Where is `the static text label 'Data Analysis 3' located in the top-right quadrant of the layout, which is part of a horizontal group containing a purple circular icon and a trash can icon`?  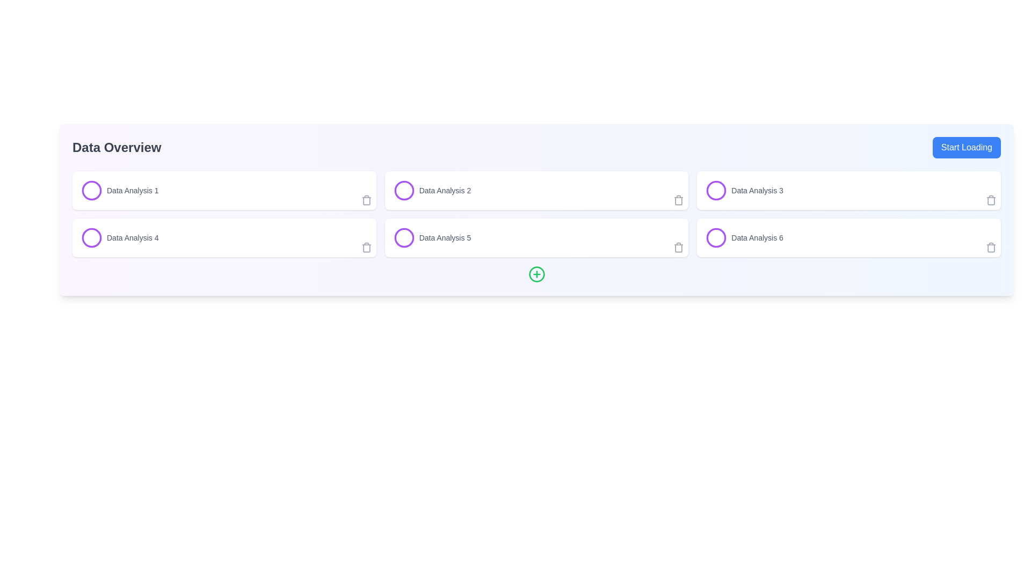 the static text label 'Data Analysis 3' located in the top-right quadrant of the layout, which is part of a horizontal group containing a purple circular icon and a trash can icon is located at coordinates (757, 190).